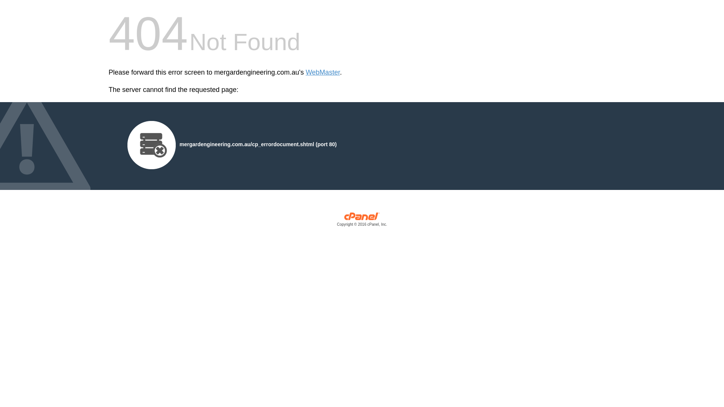 The image size is (724, 407). Describe the element at coordinates (323, 72) in the screenshot. I see `'WebMaster'` at that location.